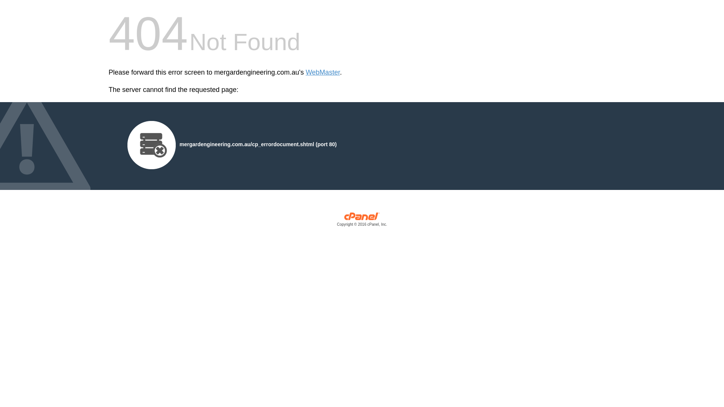 The image size is (724, 407). Describe the element at coordinates (323, 72) in the screenshot. I see `'WebMaster'` at that location.